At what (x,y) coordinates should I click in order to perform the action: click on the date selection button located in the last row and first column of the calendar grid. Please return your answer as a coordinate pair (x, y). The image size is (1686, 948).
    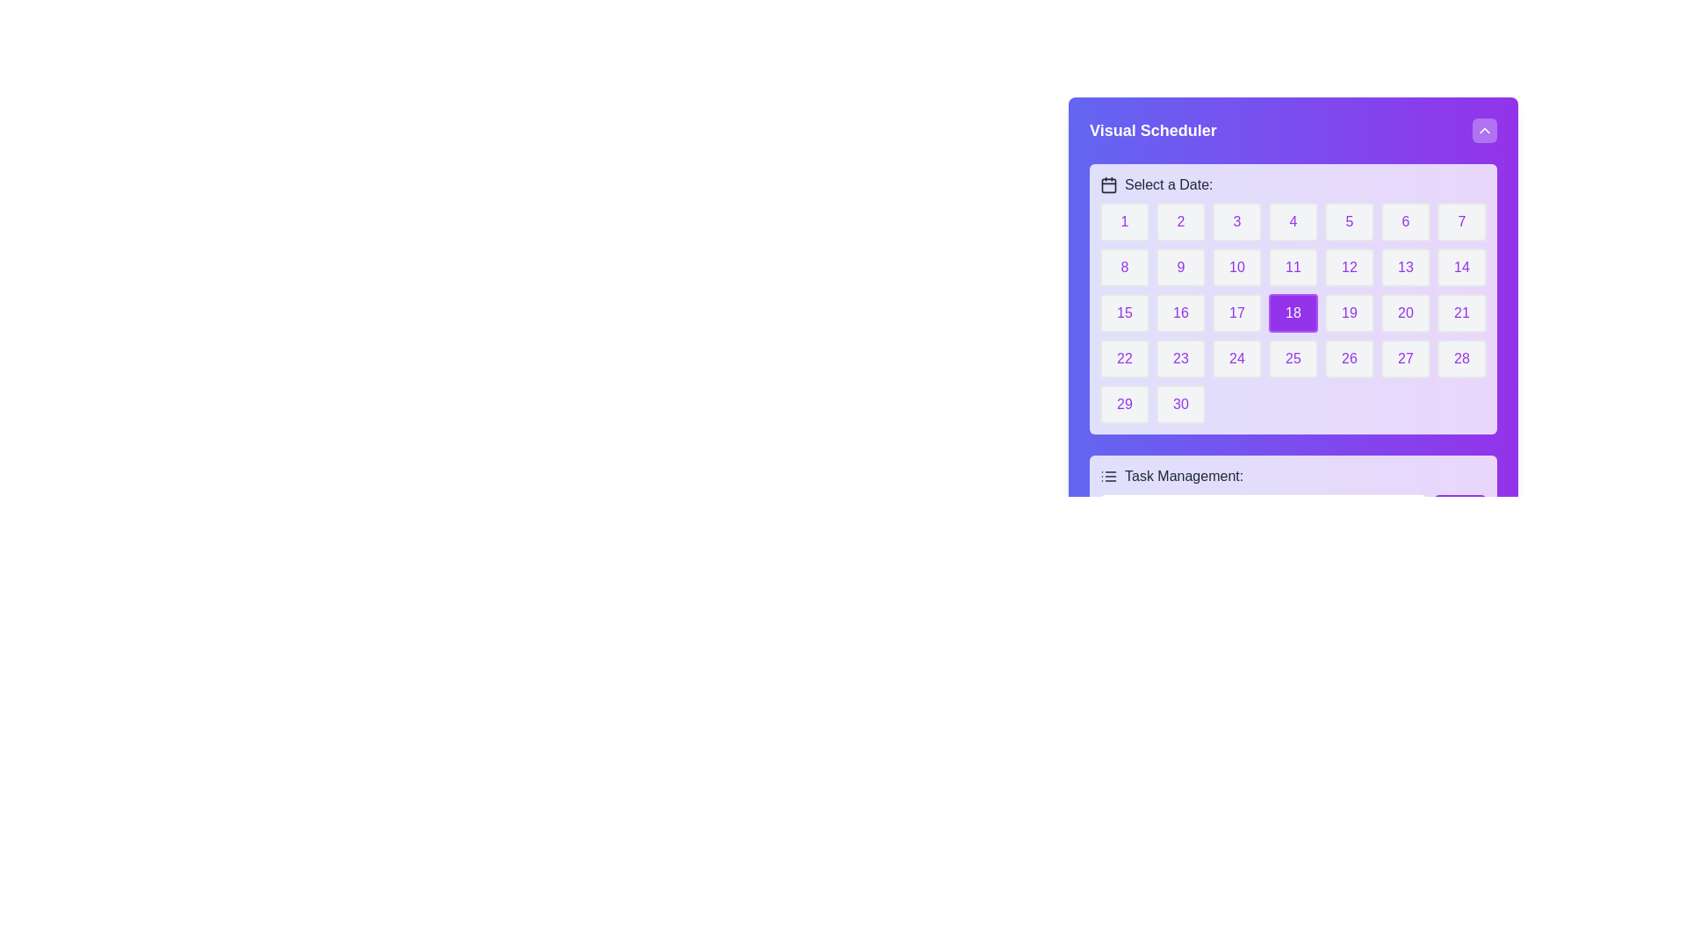
    Looking at the image, I should click on (1125, 405).